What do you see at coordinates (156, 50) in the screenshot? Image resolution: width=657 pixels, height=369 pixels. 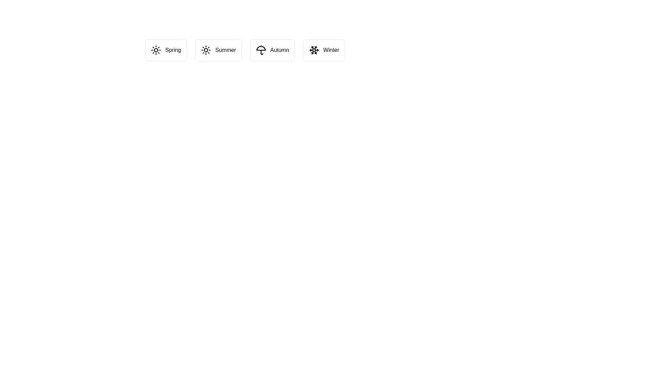 I see `the circular sun icon element, which is positioned centrally within the sun symbol and styled with a stroke, to interact with it` at bounding box center [156, 50].